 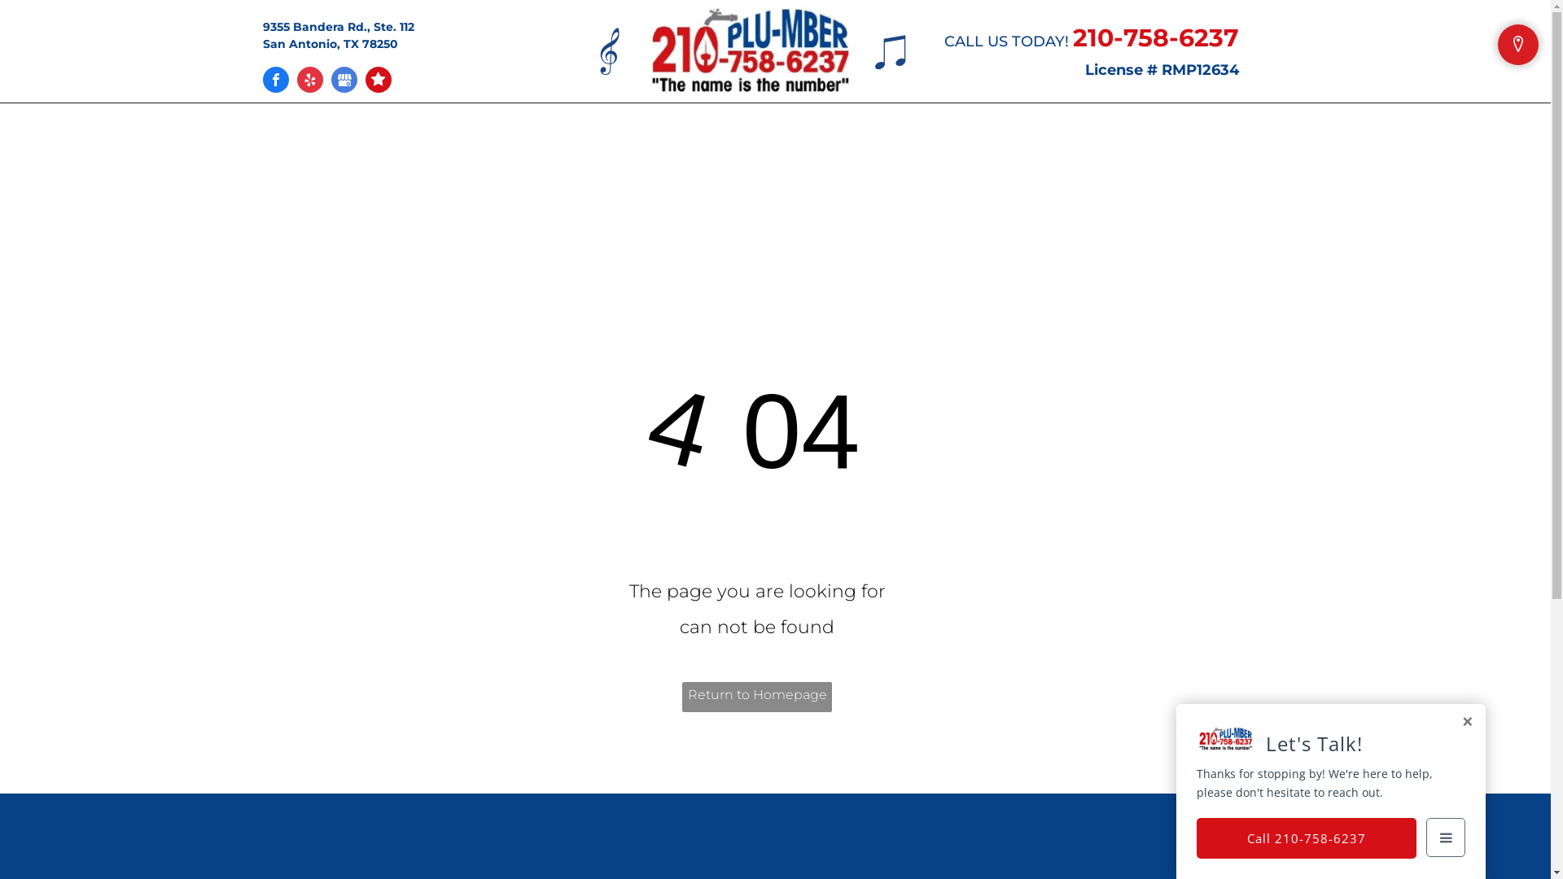 I want to click on 'San Antonio, TX 78250', so click(x=328, y=43).